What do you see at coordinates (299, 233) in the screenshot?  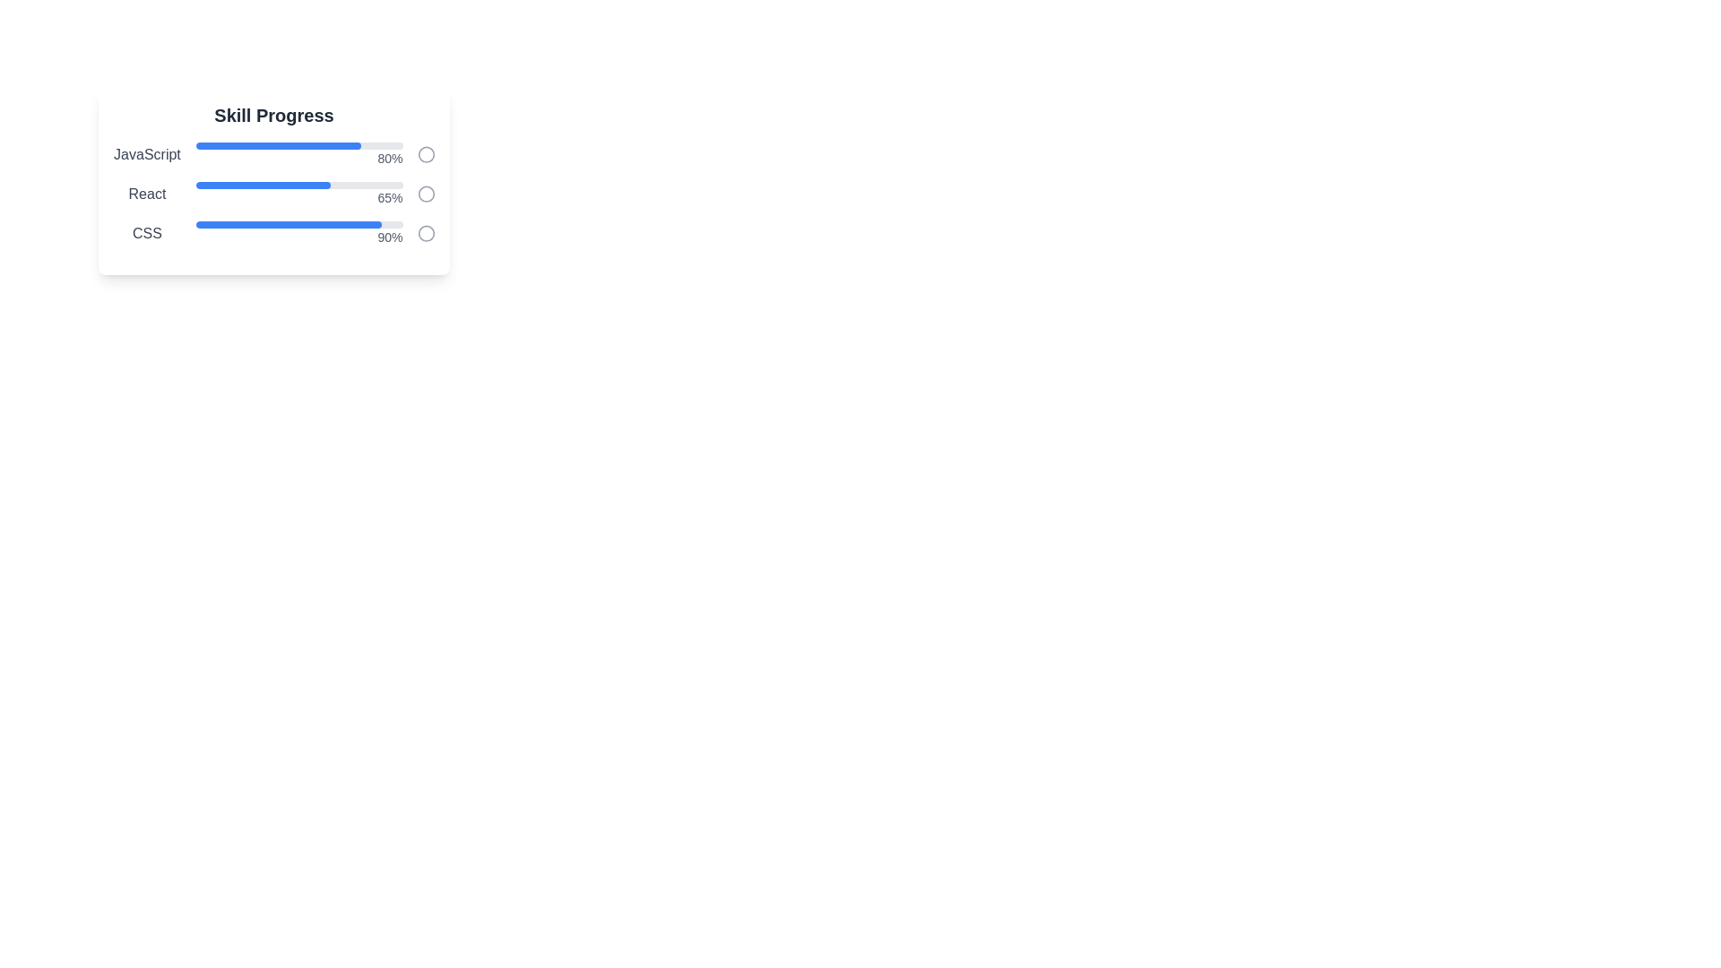 I see `the progress bar indicating '90%' completion in the 'Skill Progress' section to read the tooltip text` at bounding box center [299, 233].